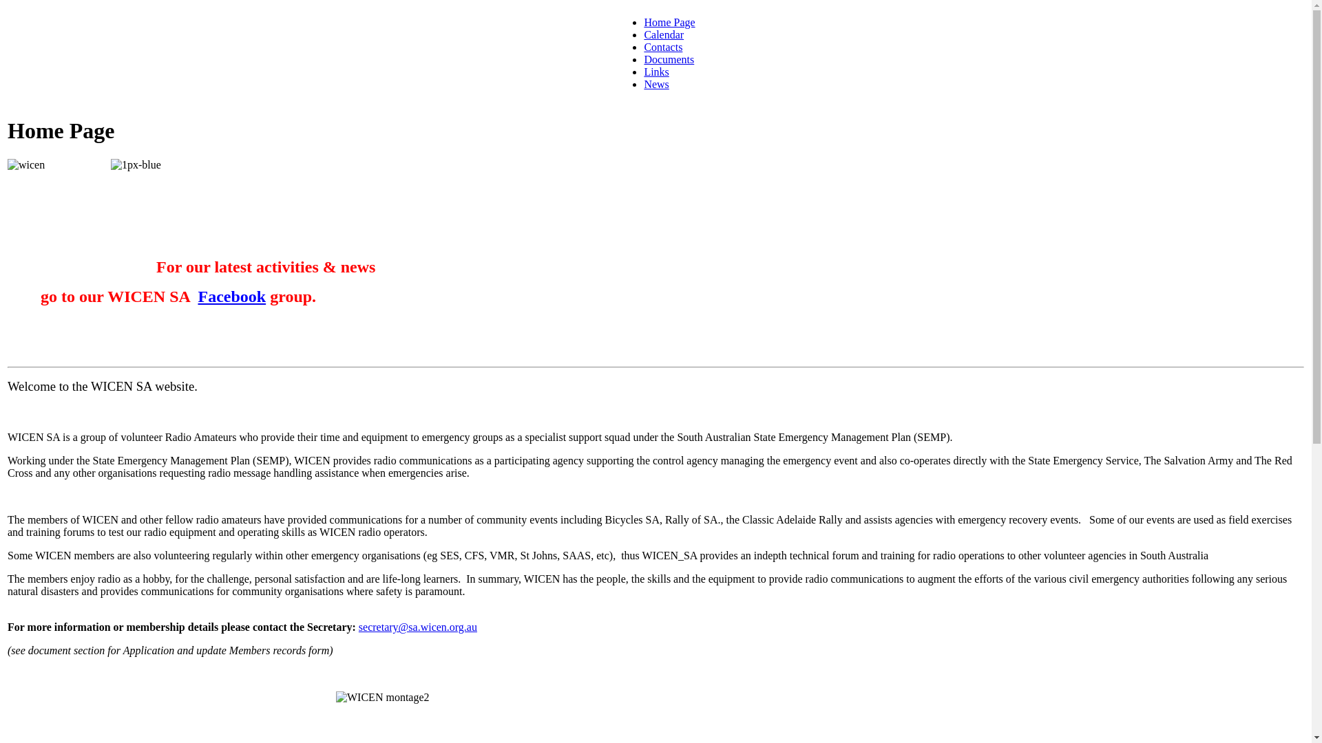 Image resolution: width=1322 pixels, height=743 pixels. What do you see at coordinates (417, 627) in the screenshot?
I see `'secretary@sa.wicen.org.au'` at bounding box center [417, 627].